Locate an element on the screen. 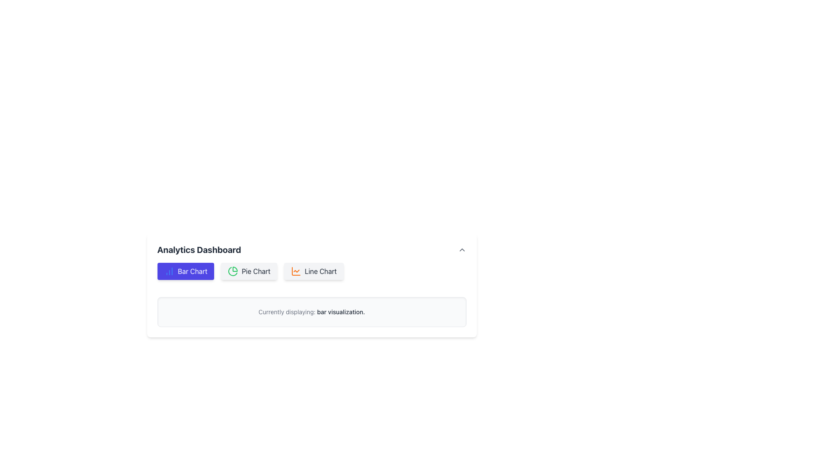 Image resolution: width=824 pixels, height=463 pixels. the 'Analytics Dashboard' text label, which serves as a heading indicating the current context or focus area is located at coordinates (199, 250).